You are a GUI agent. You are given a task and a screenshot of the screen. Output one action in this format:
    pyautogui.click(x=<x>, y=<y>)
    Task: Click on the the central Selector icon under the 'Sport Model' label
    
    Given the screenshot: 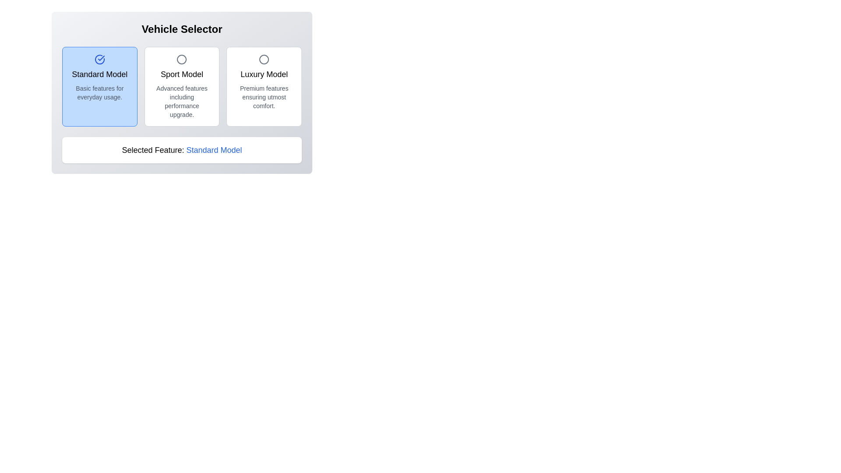 What is the action you would take?
    pyautogui.click(x=181, y=59)
    